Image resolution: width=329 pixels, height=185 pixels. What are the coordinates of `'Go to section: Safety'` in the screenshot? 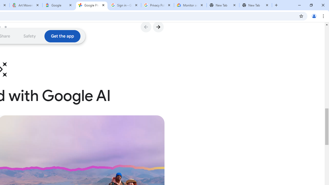 It's located at (29, 36).